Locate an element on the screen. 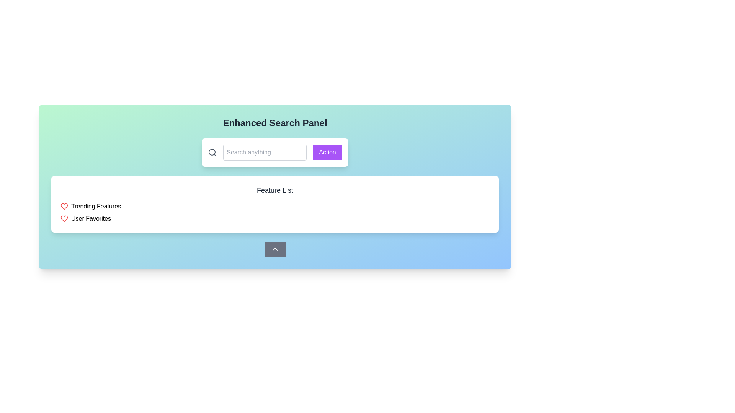 This screenshot has height=413, width=735. the text input box that allows users to input text for searching, located between a magnifying glass icon and a purple 'Action' button is located at coordinates (265, 152).